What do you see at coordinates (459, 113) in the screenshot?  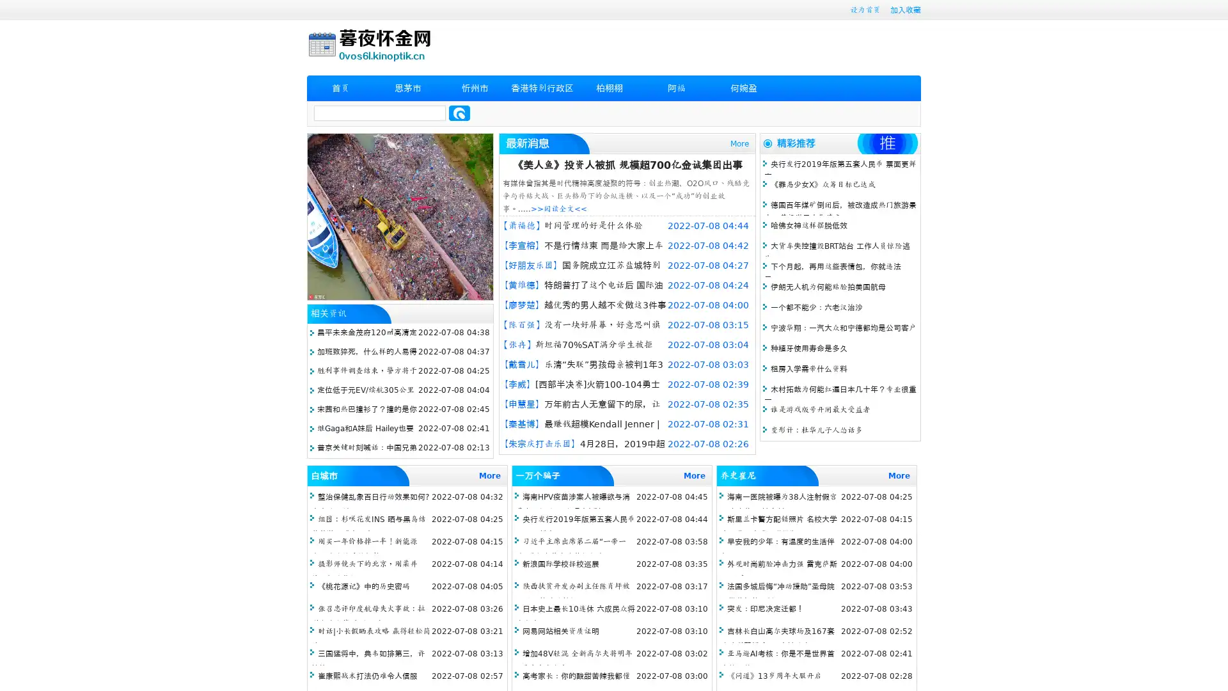 I see `Search` at bounding box center [459, 113].